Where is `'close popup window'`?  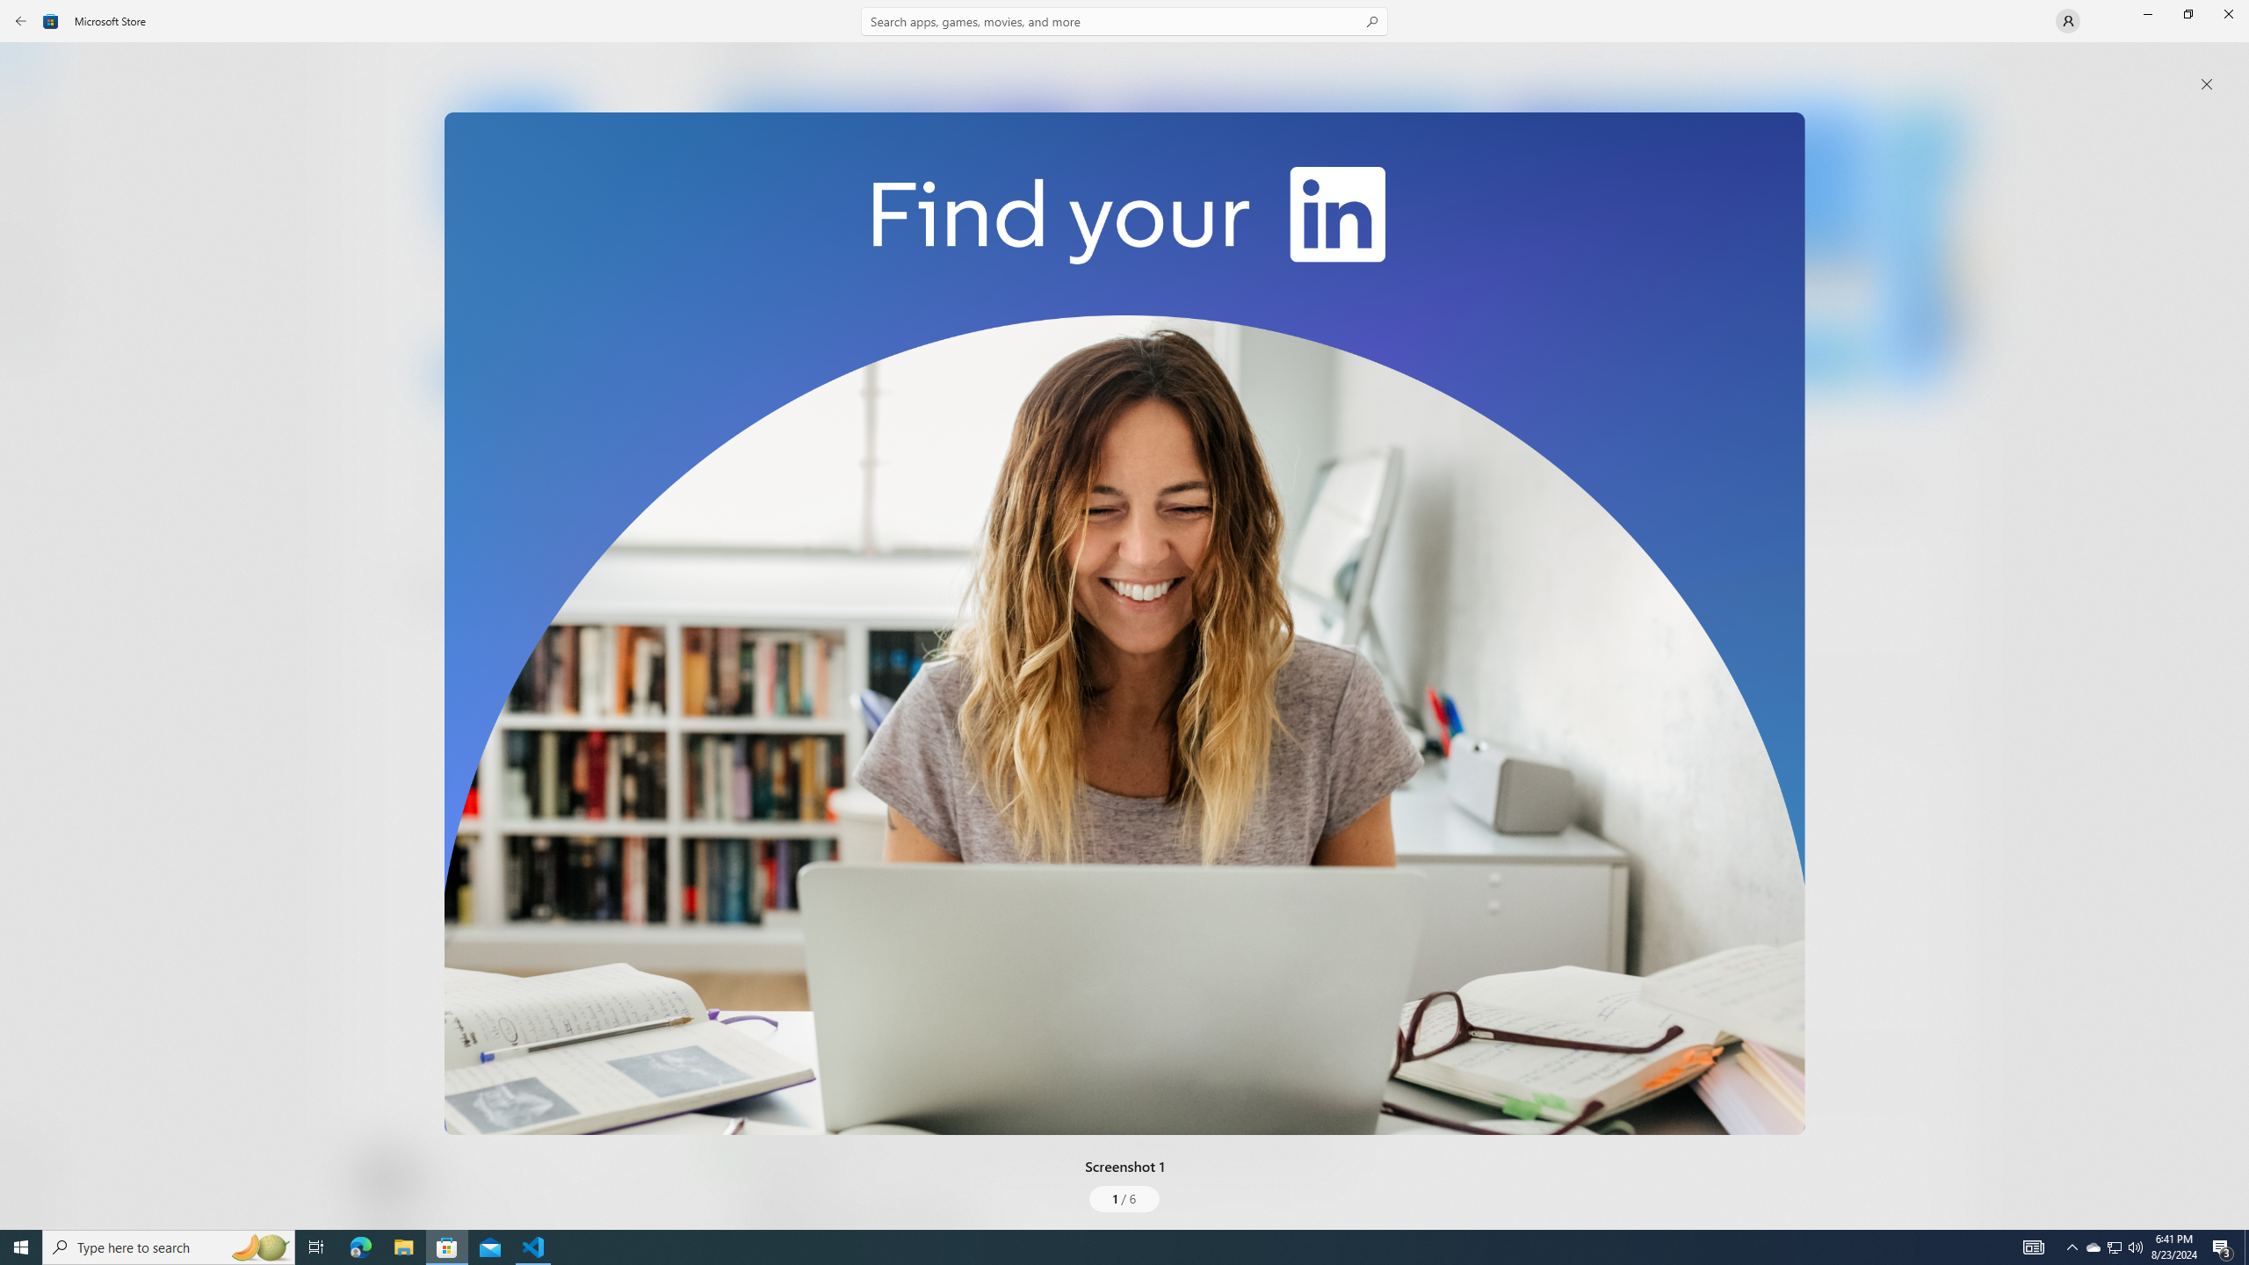 'close popup window' is located at coordinates (2206, 83).